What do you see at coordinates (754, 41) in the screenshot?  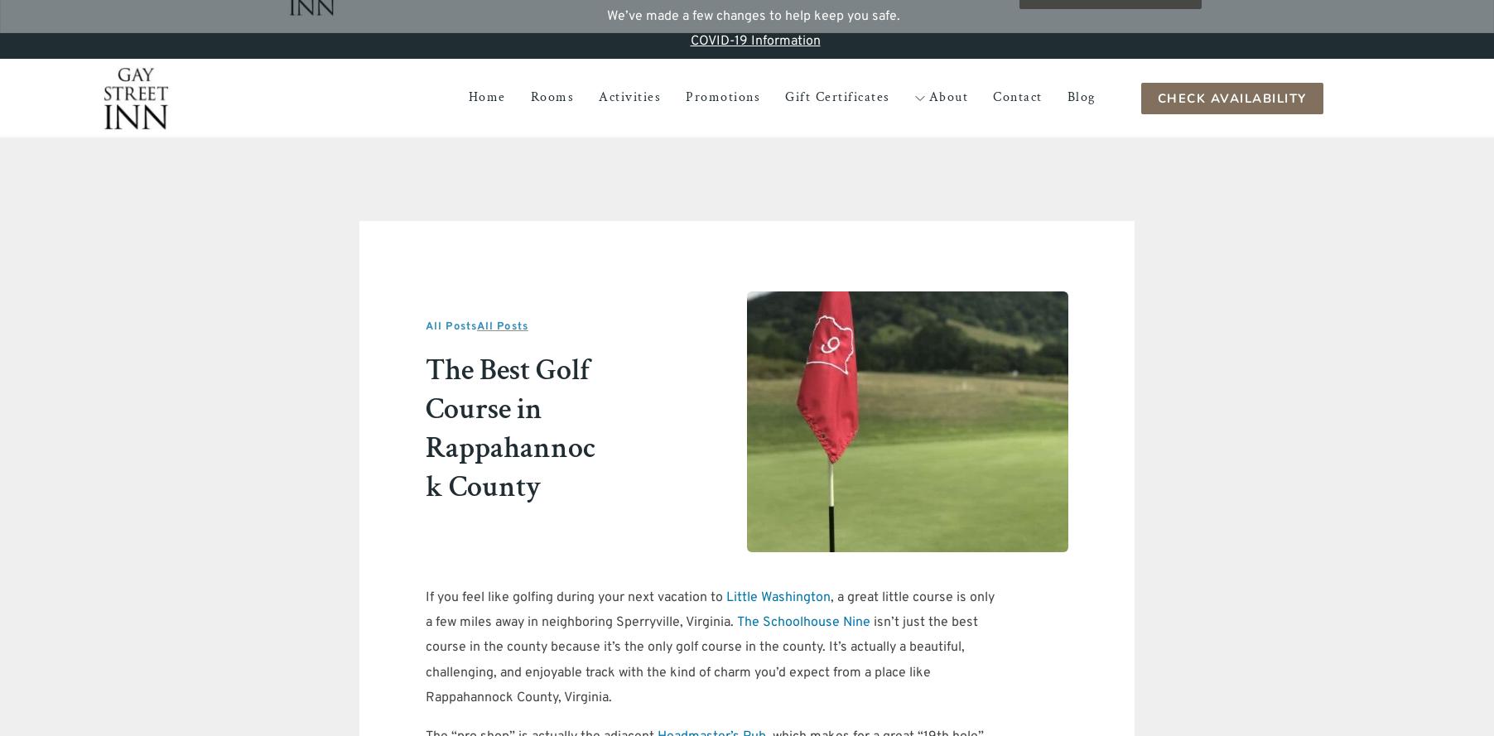 I see `'COVID-19 Information'` at bounding box center [754, 41].